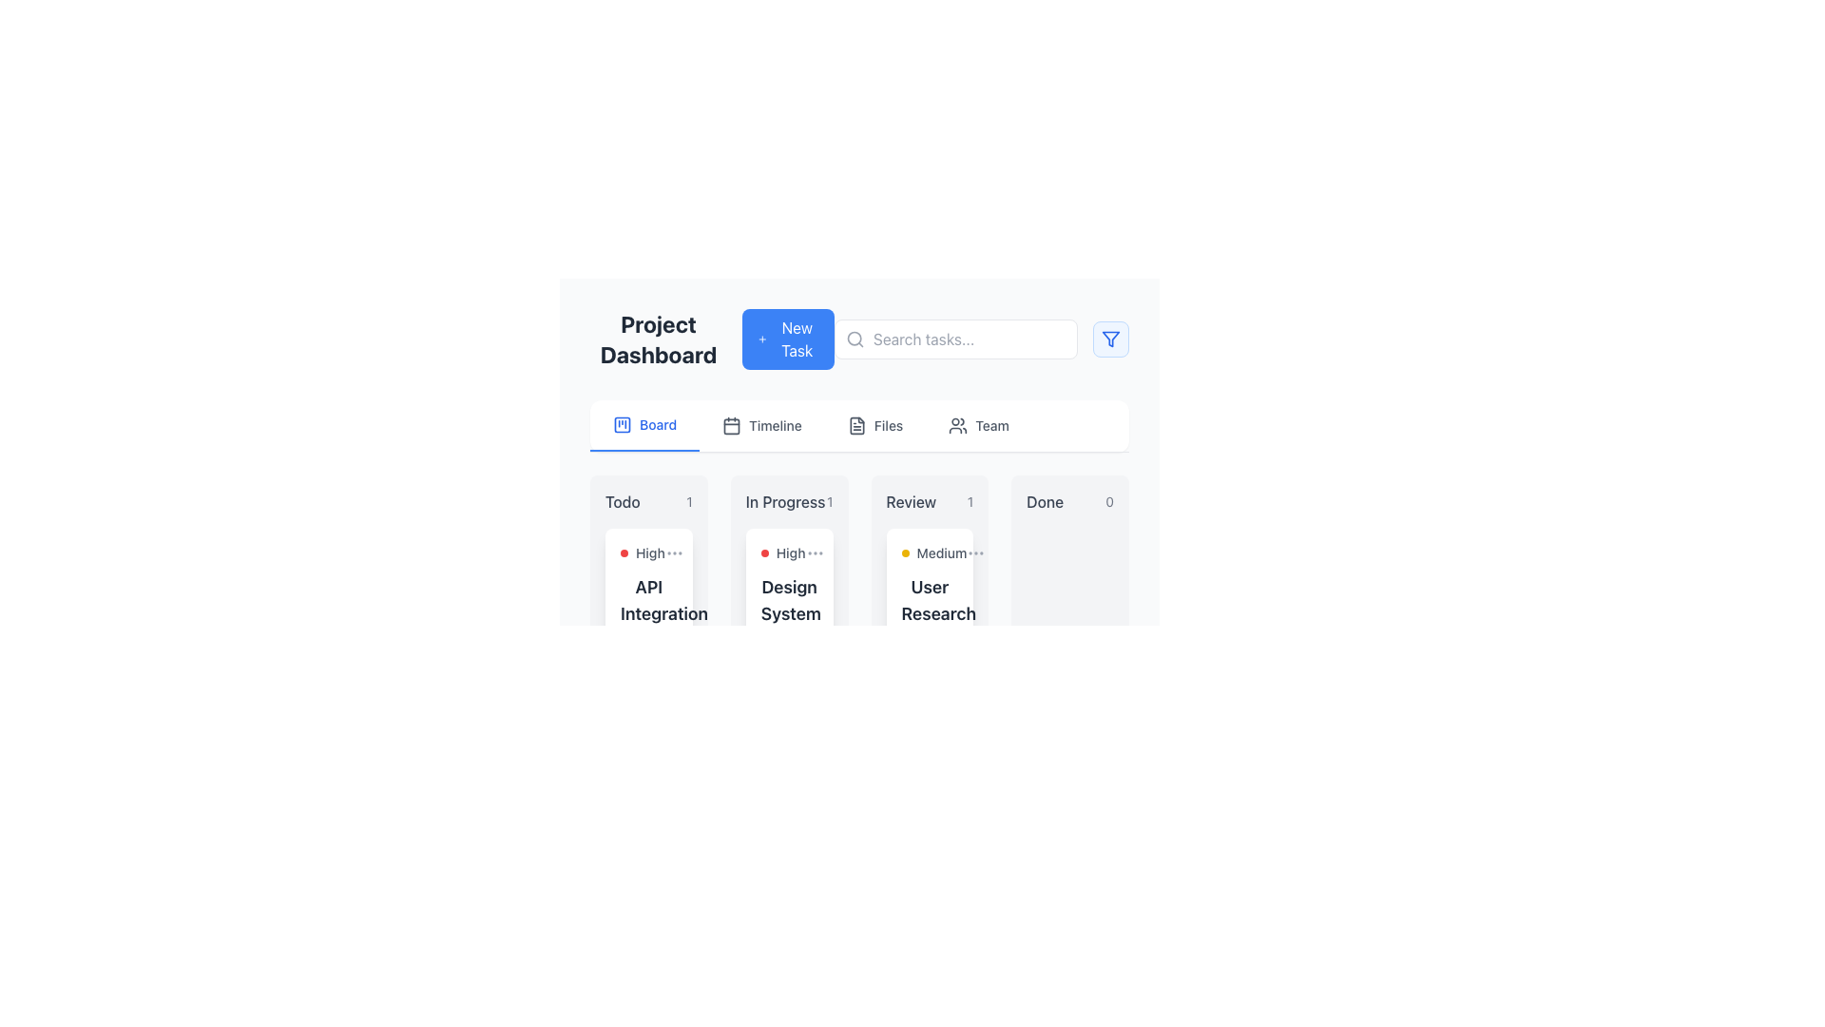 The image size is (1825, 1027). What do you see at coordinates (785, 501) in the screenshot?
I see `the content of the text label reading 'In Progress' located in the second column of the project management interface` at bounding box center [785, 501].